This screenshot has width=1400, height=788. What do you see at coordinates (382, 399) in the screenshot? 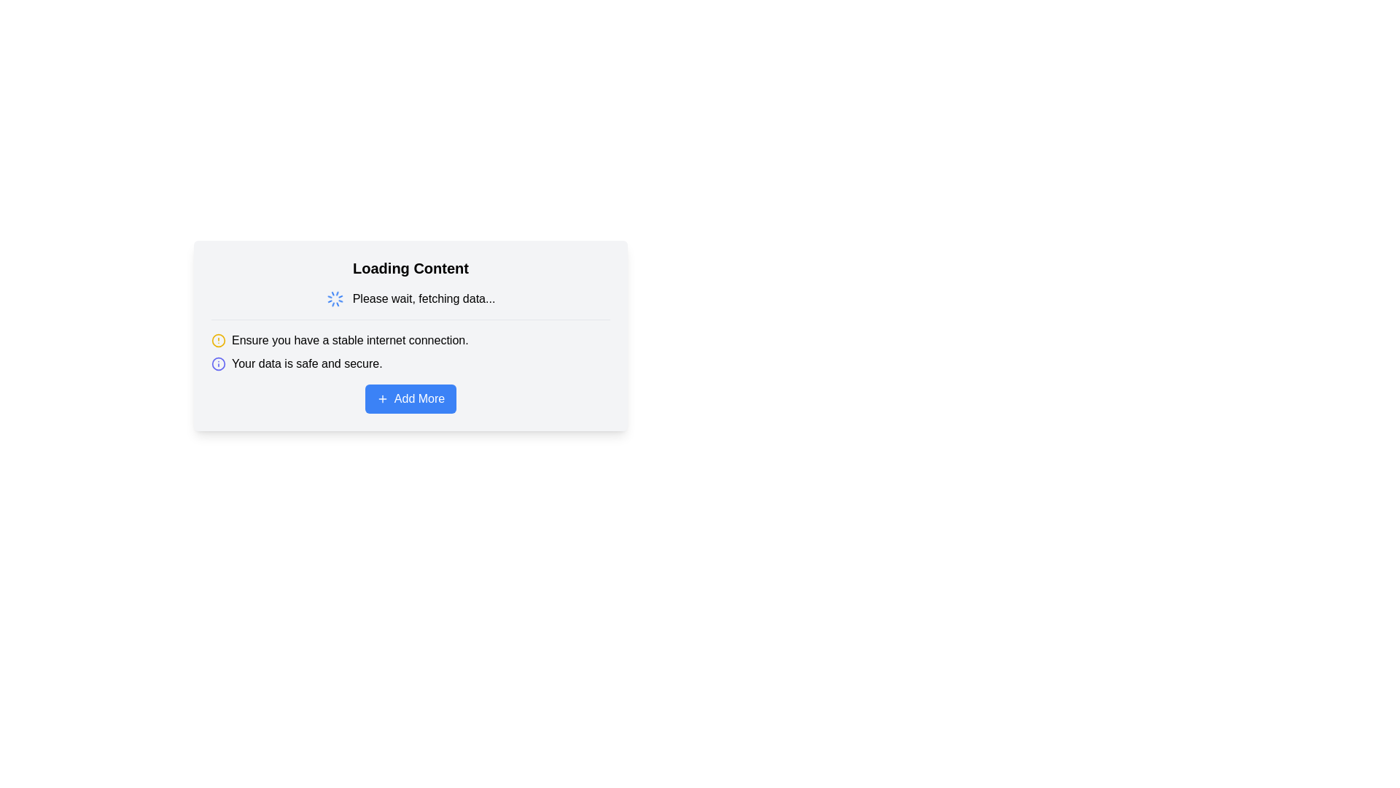
I see `the plus icon within the blue 'Add More' button` at bounding box center [382, 399].